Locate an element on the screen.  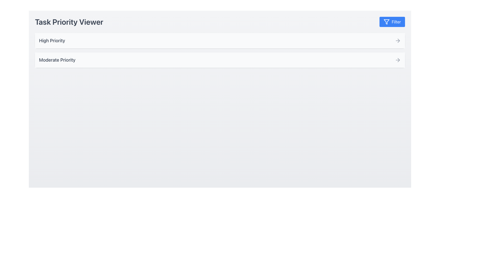
the 'Moderate Priority' interactive list item is located at coordinates (220, 60).